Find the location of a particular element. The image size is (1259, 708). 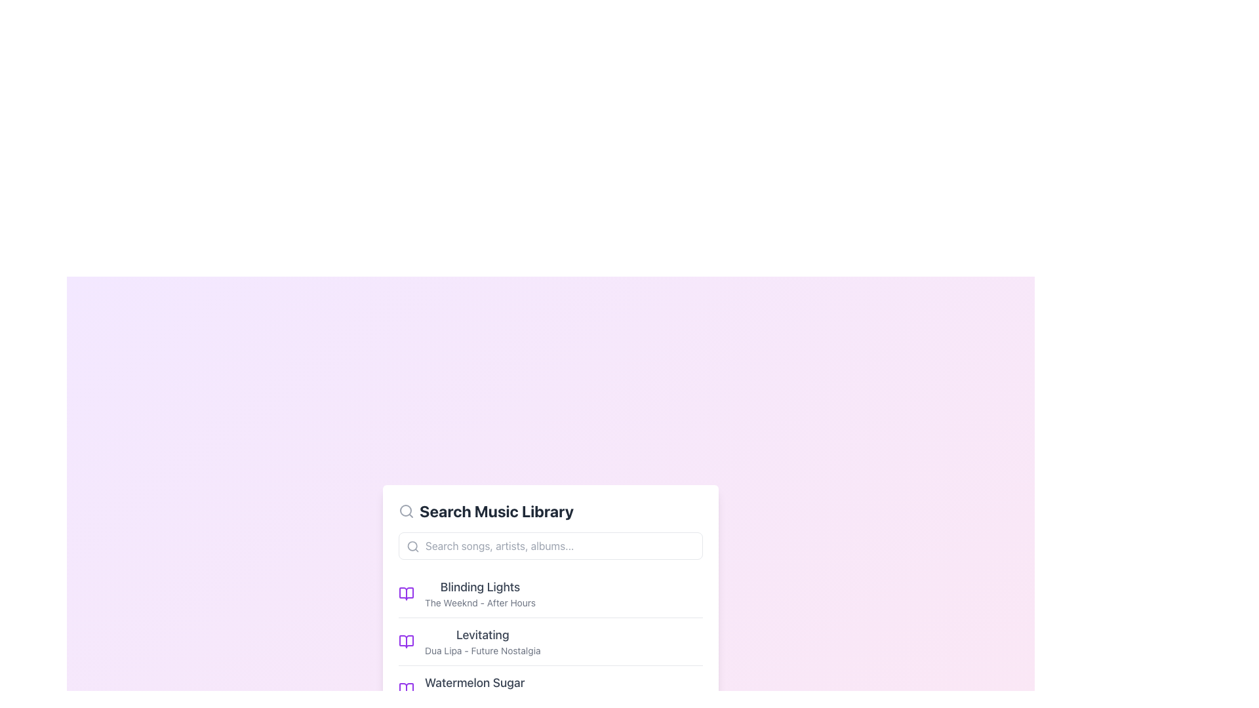

the text element displaying 'The Weeknd - After Hours', which is positioned below 'Blinding Lights' in the song list is located at coordinates (479, 602).